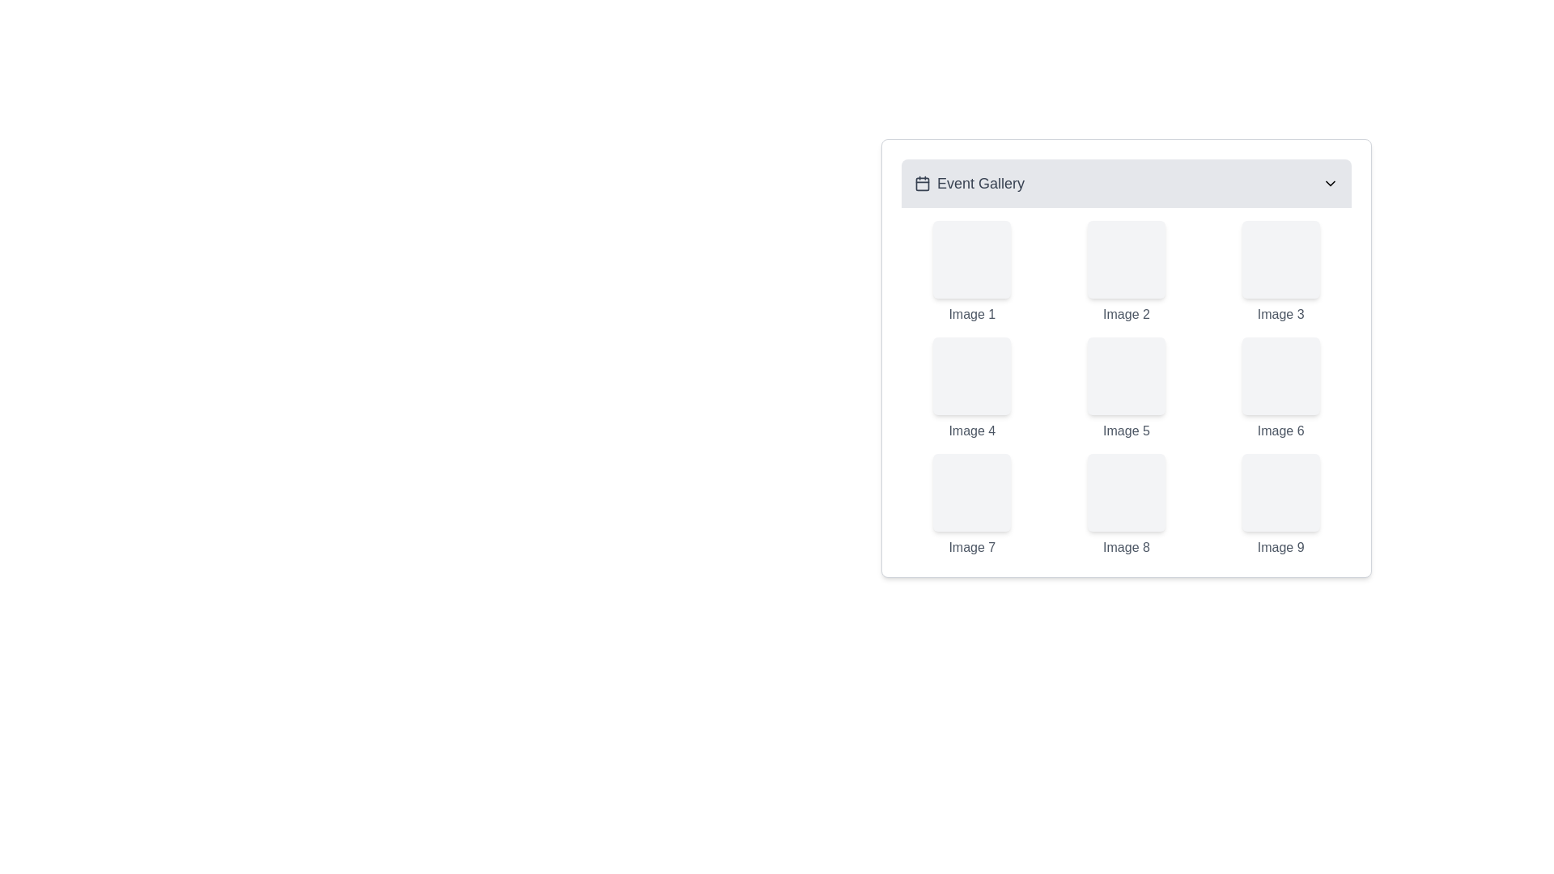 The image size is (1554, 874). I want to click on the grid item box labeled 'Image 8' which has a light gray background and rounded corners to interact with it, so click(1126, 504).